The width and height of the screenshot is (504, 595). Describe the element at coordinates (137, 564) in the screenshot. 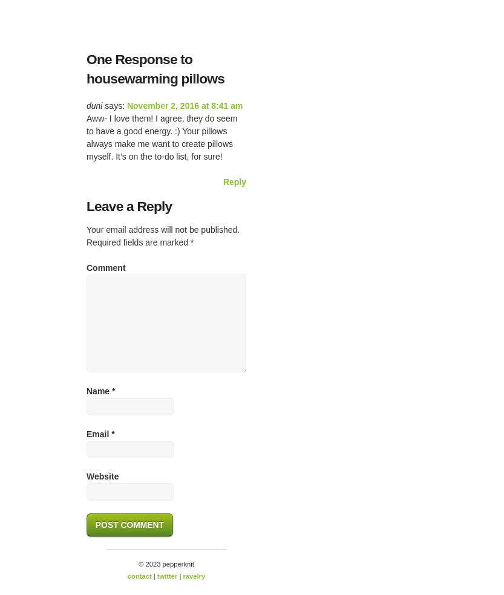

I see `'© 2023 pepperknit'` at that location.